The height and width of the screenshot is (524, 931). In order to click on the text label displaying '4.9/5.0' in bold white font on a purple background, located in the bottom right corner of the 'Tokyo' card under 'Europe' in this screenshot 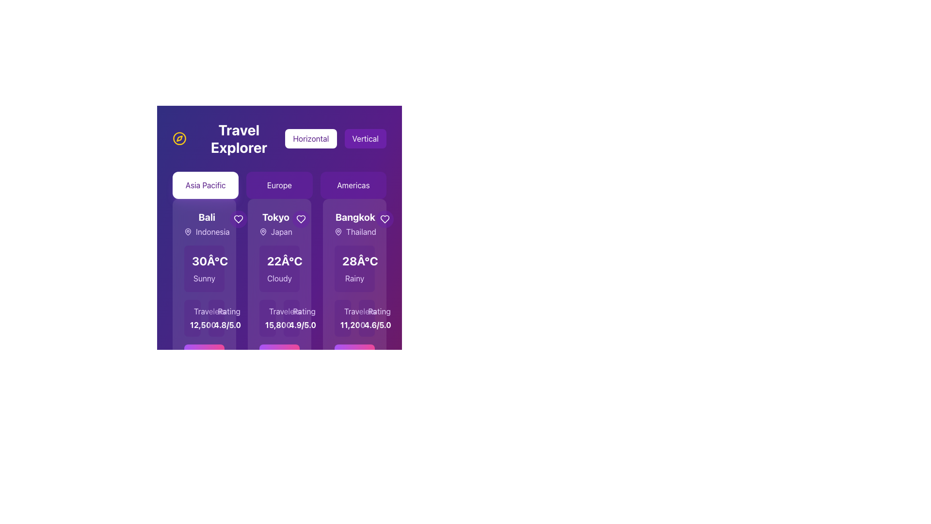, I will do `click(291, 325)`.